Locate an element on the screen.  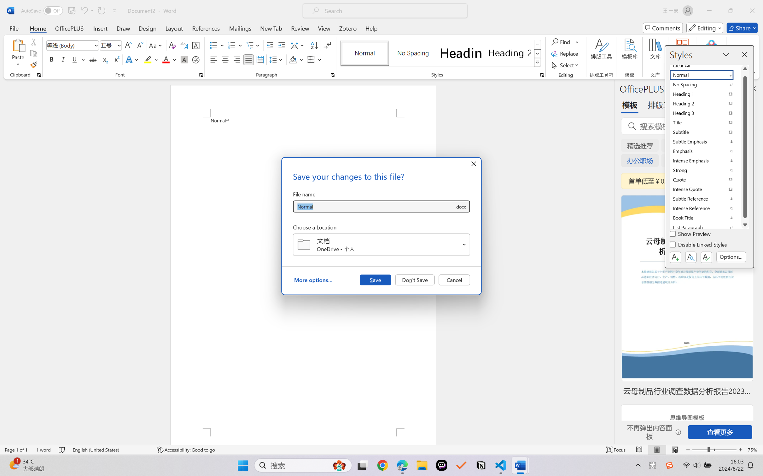
'List Paragraph' is located at coordinates (705, 227).